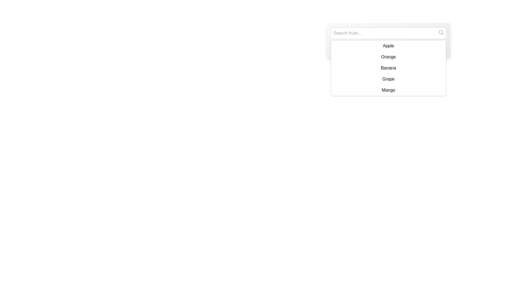 The image size is (532, 299). Describe the element at coordinates (388, 68) in the screenshot. I see `the third selectable text item labeled 'Banana' in the dropdown menu to make a selection` at that location.